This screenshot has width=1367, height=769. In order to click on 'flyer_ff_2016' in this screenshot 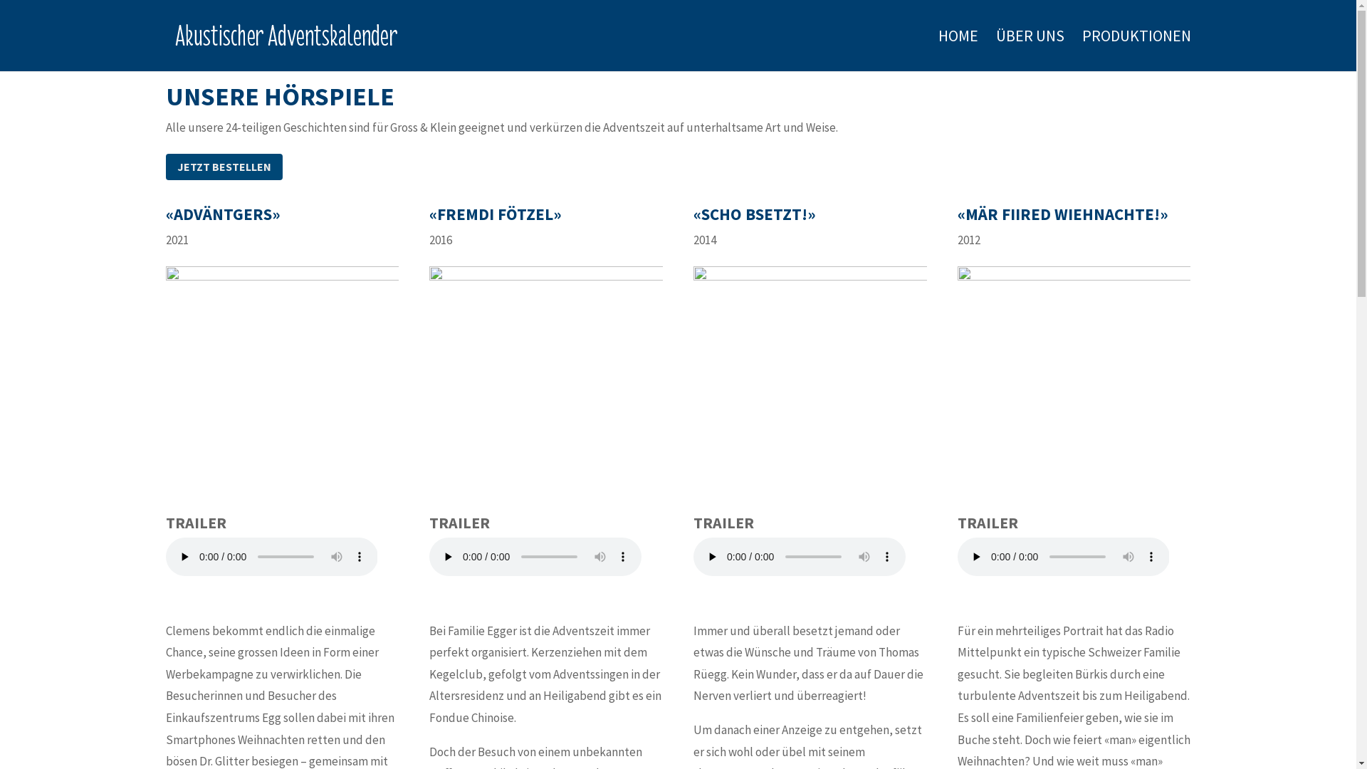, I will do `click(545, 382)`.